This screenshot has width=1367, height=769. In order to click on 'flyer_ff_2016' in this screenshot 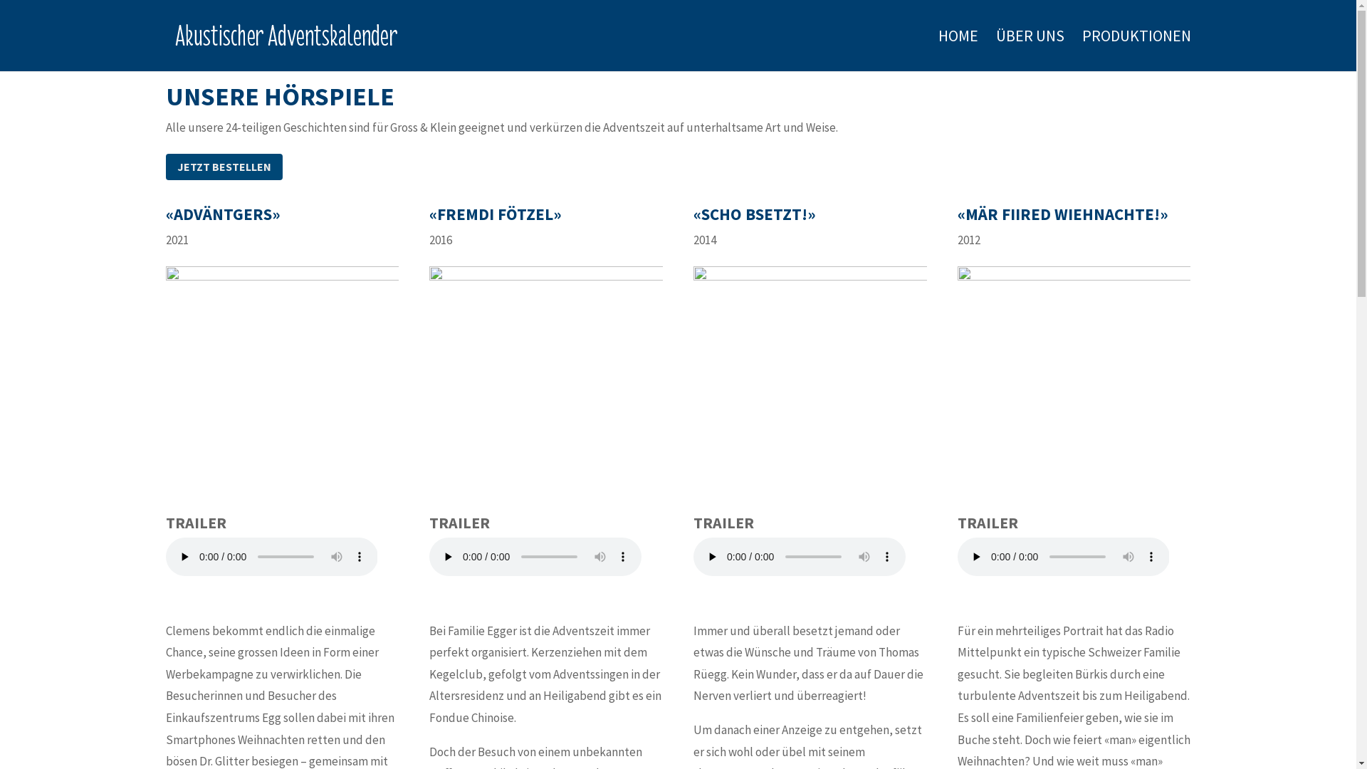, I will do `click(545, 382)`.